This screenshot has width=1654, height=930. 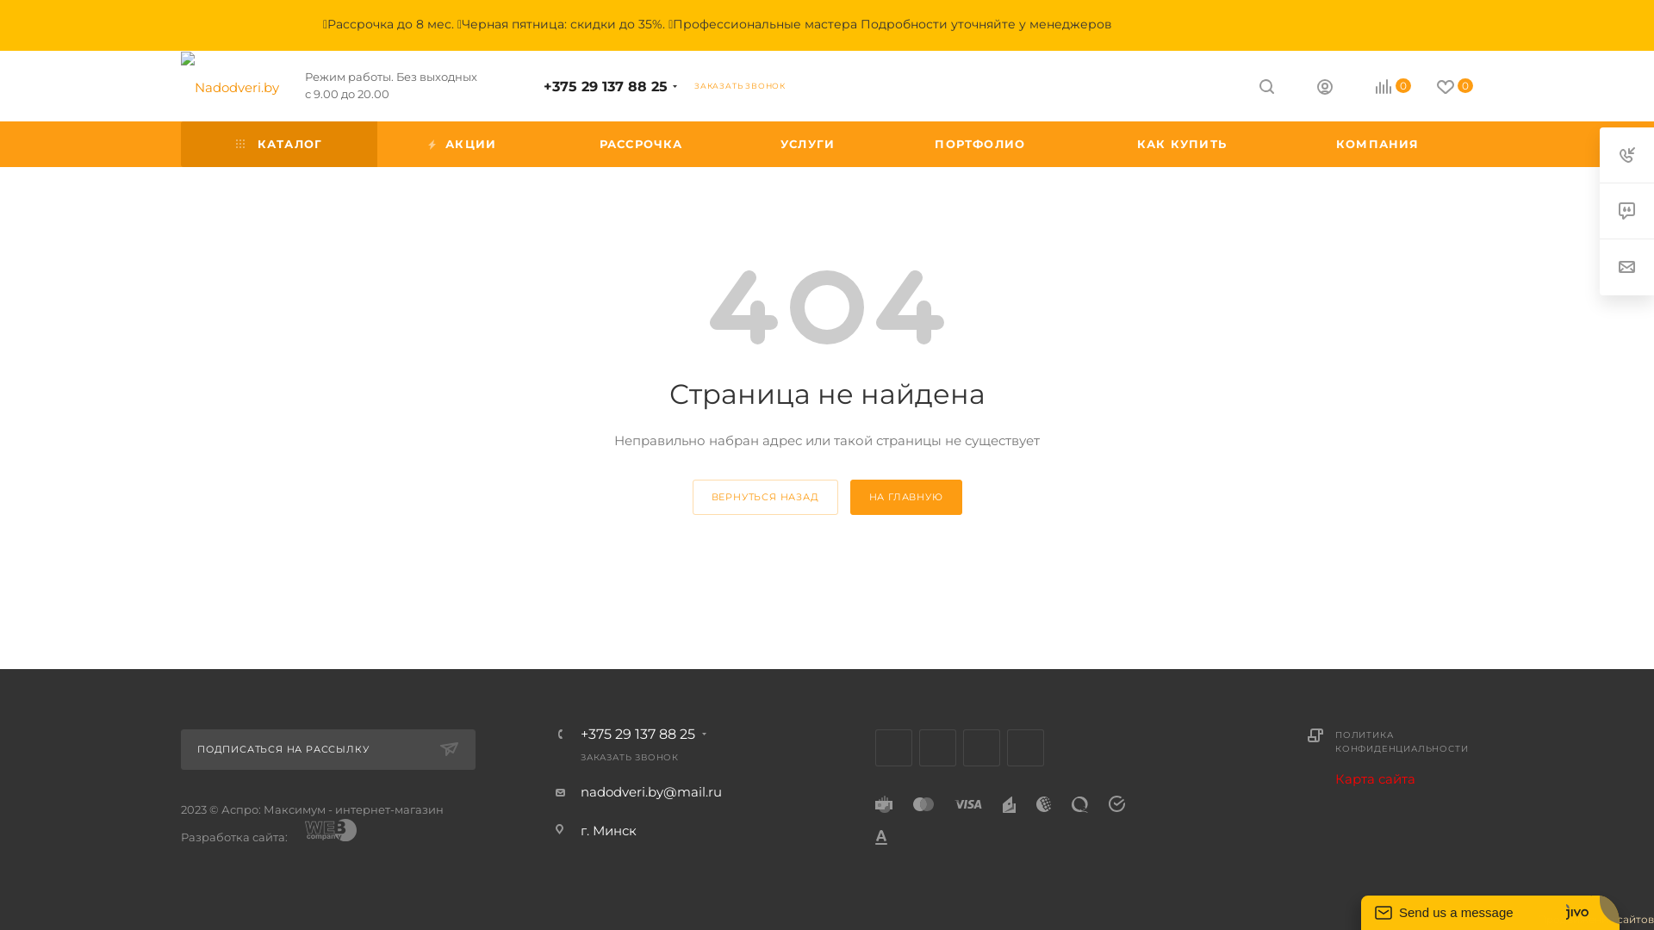 What do you see at coordinates (967, 803) in the screenshot?
I see `'Visa'` at bounding box center [967, 803].